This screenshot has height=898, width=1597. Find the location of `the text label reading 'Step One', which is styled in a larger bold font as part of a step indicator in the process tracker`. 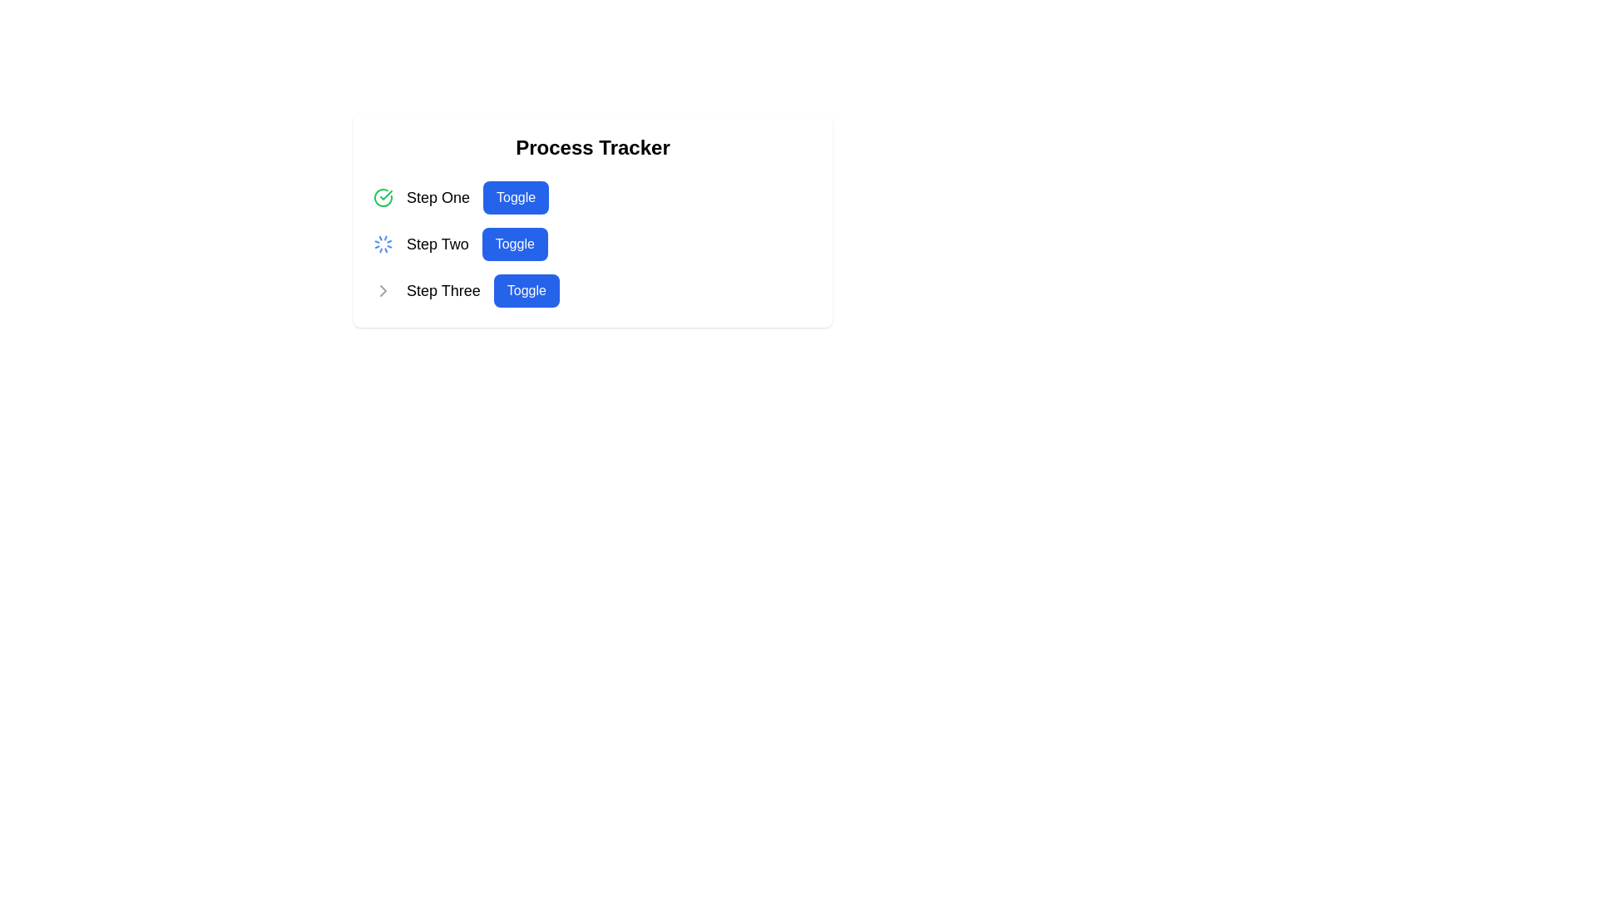

the text label reading 'Step One', which is styled in a larger bold font as part of a step indicator in the process tracker is located at coordinates (438, 197).